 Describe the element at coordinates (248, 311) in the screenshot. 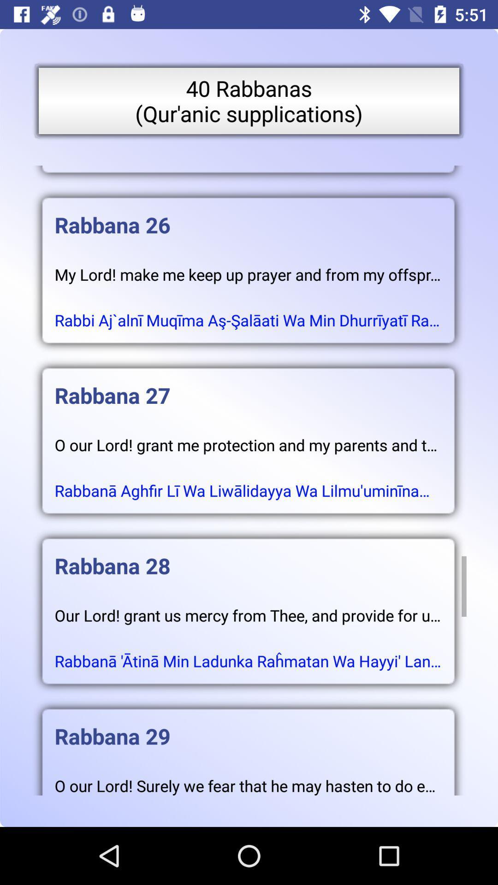

I see `the item above the rabbana 27 icon` at that location.